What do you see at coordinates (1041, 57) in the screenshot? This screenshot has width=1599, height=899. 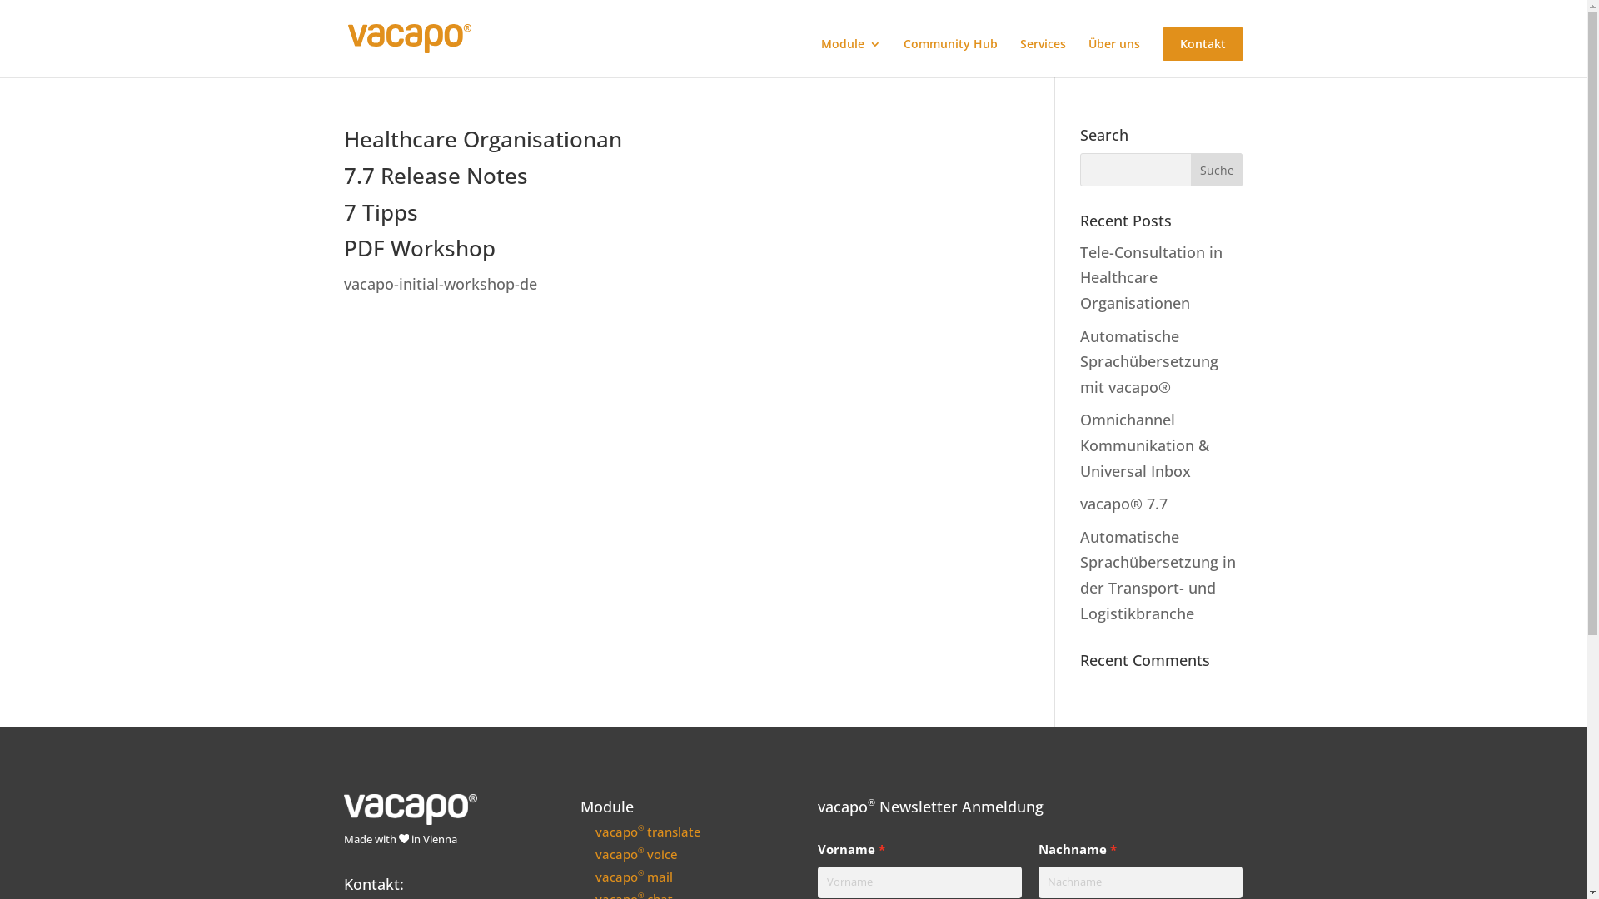 I see `'Services'` at bounding box center [1041, 57].